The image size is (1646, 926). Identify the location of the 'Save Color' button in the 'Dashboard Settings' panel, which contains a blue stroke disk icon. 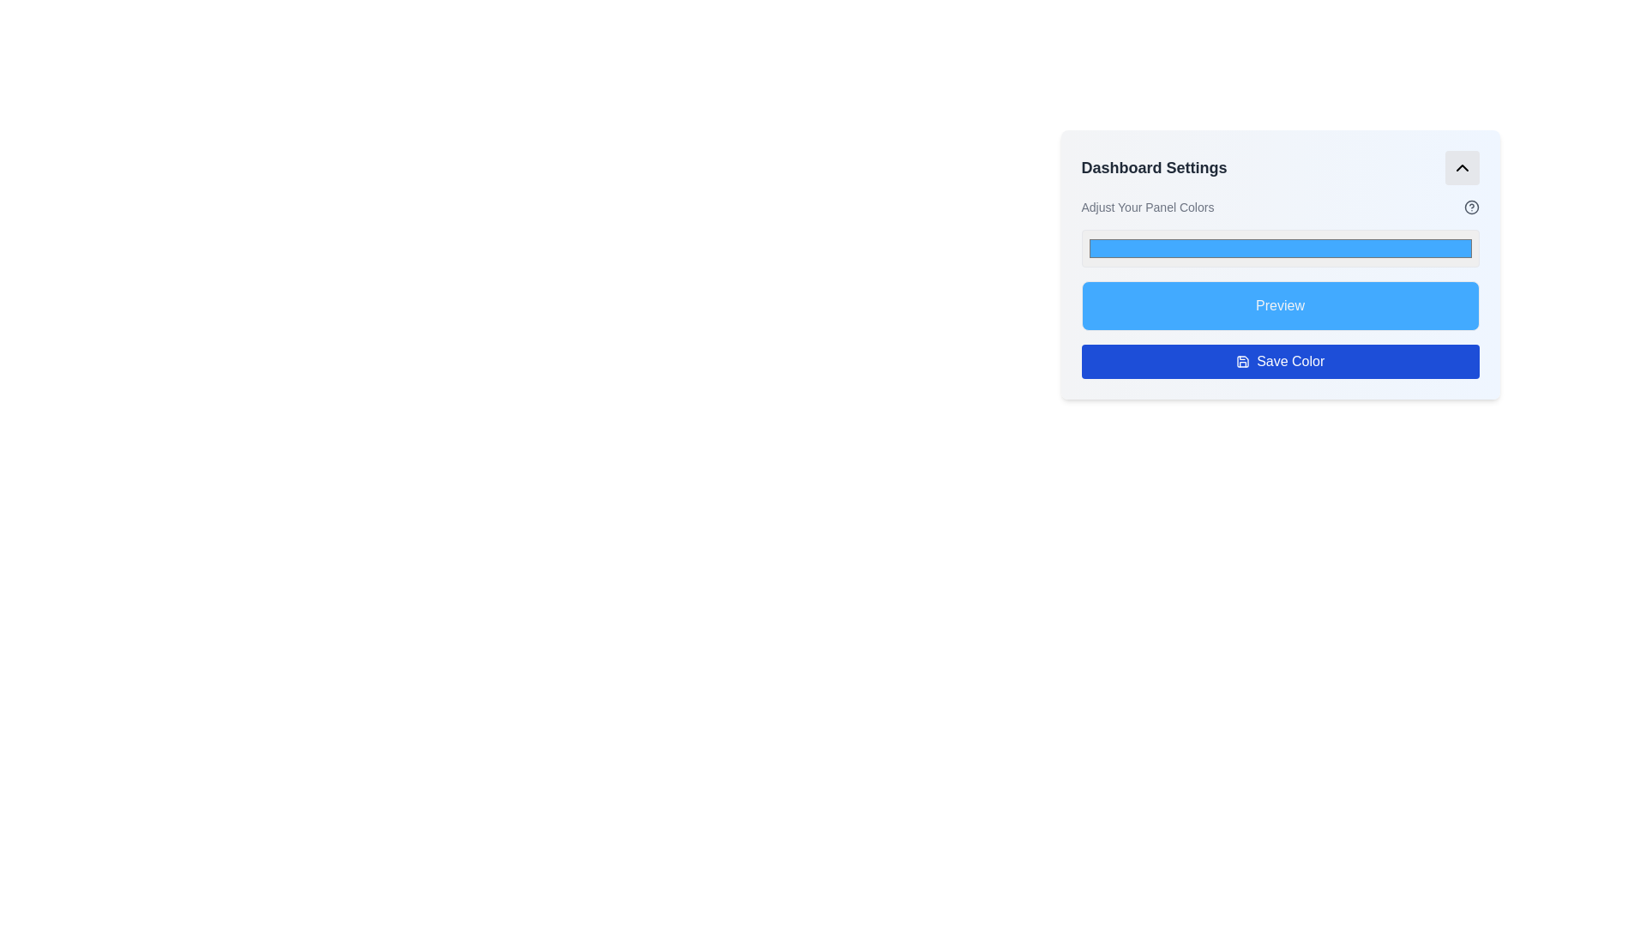
(1242, 360).